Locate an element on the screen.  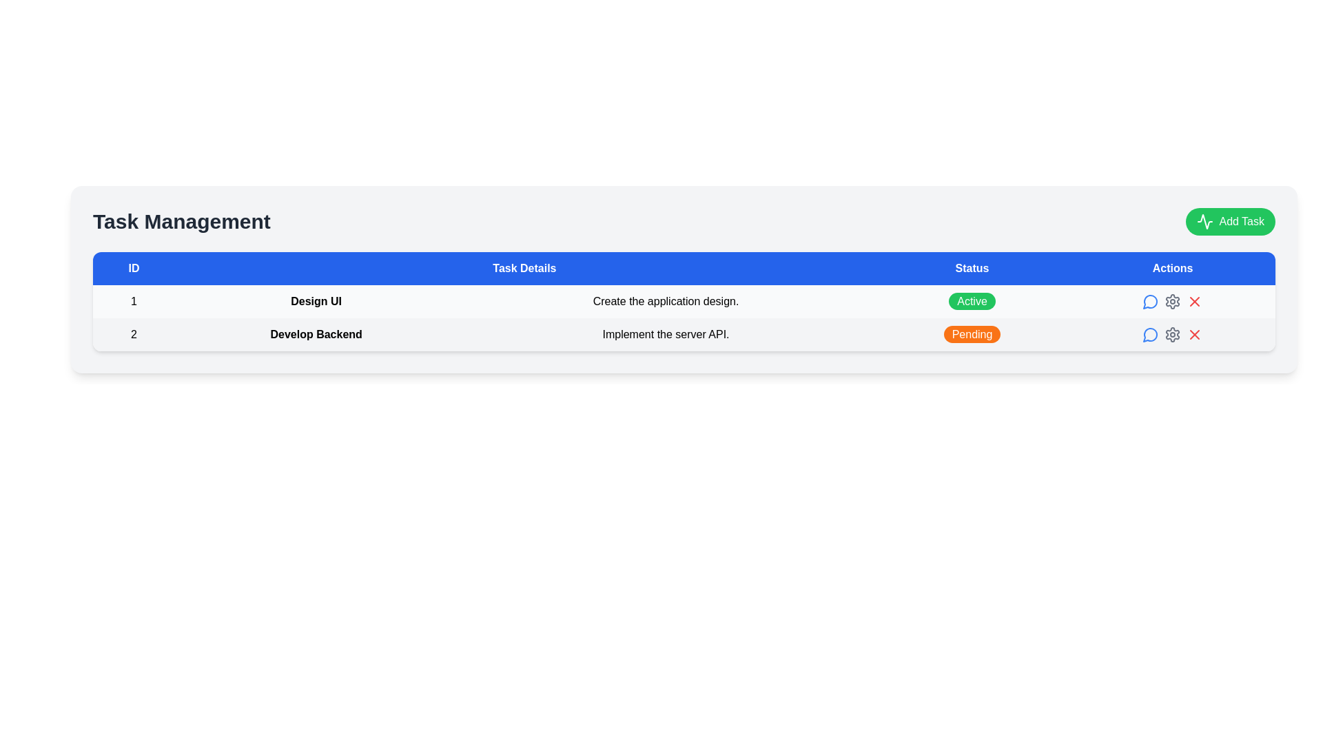
the capsule-shaped label with an orange background and white text reading 'Pending' located in the second row of the table under the 'Status' column is located at coordinates (972, 335).